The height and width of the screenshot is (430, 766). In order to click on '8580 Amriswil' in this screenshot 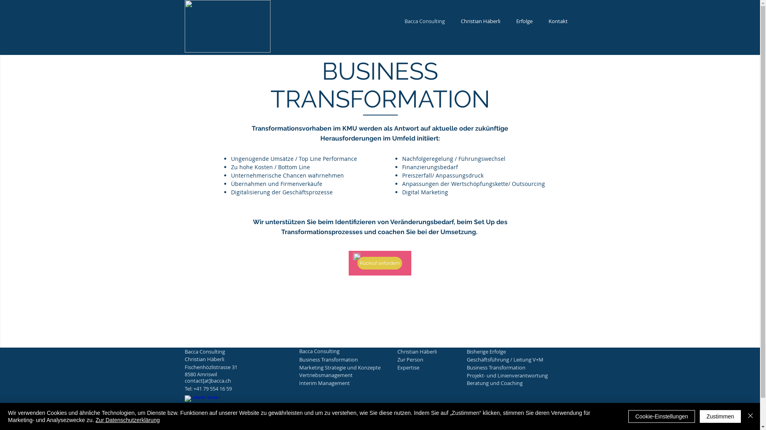, I will do `click(225, 374)`.